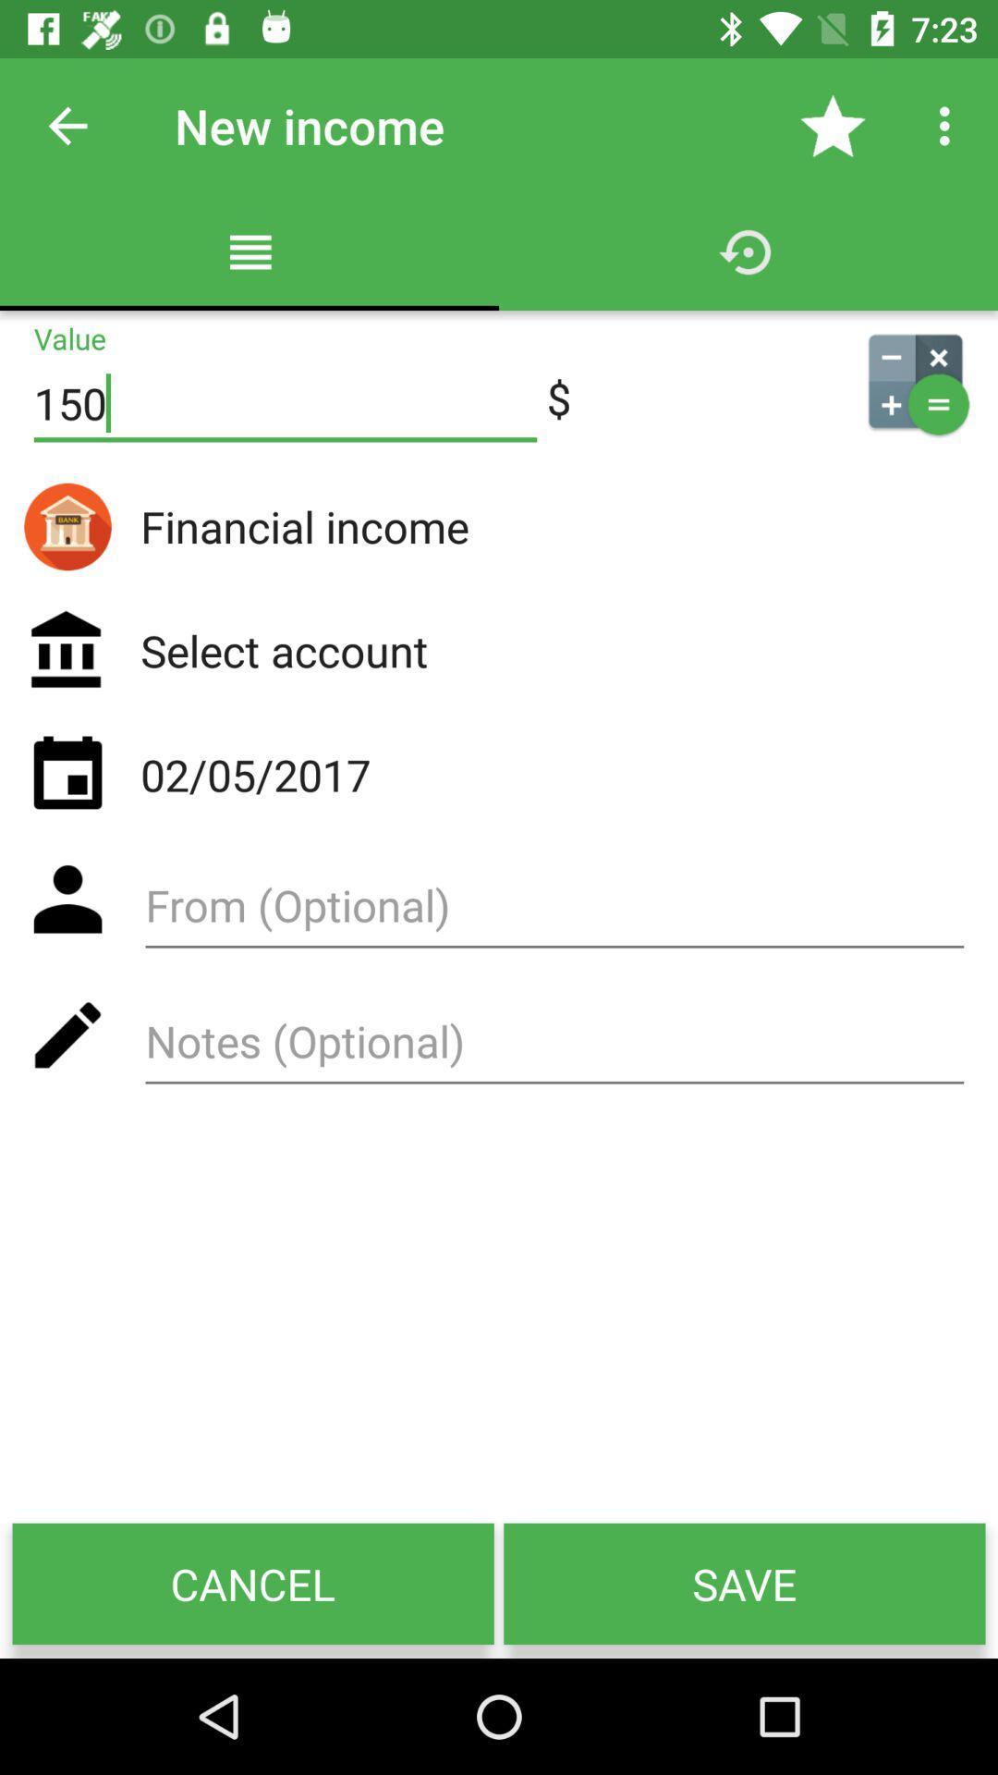 This screenshot has width=998, height=1775. Describe the element at coordinates (554, 912) in the screenshot. I see `from optional` at that location.